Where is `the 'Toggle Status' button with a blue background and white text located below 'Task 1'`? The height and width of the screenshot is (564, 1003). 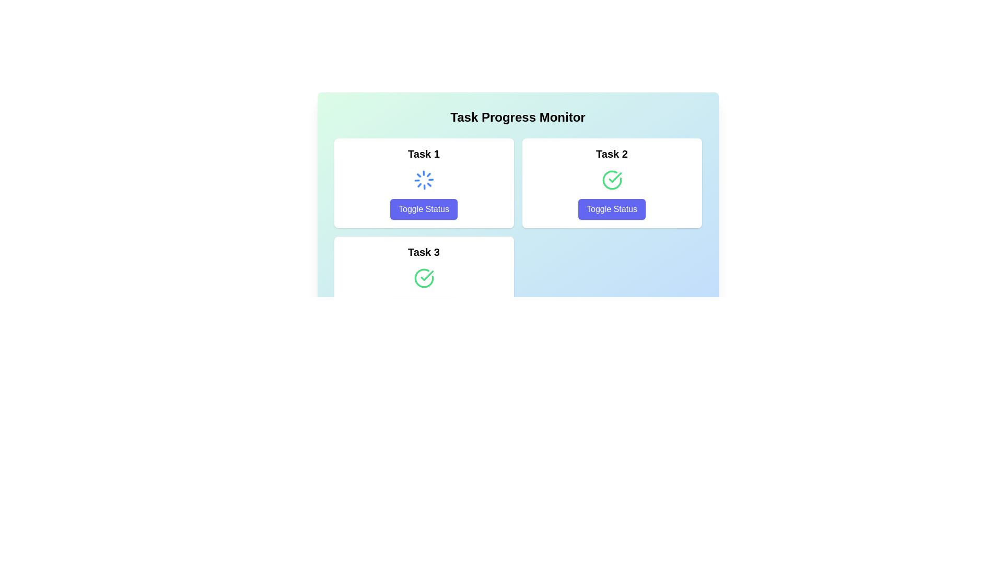 the 'Toggle Status' button with a blue background and white text located below 'Task 1' is located at coordinates (424, 209).